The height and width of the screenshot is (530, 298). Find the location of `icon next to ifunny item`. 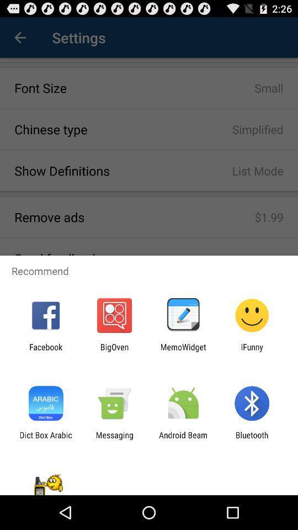

icon next to ifunny item is located at coordinates (183, 351).